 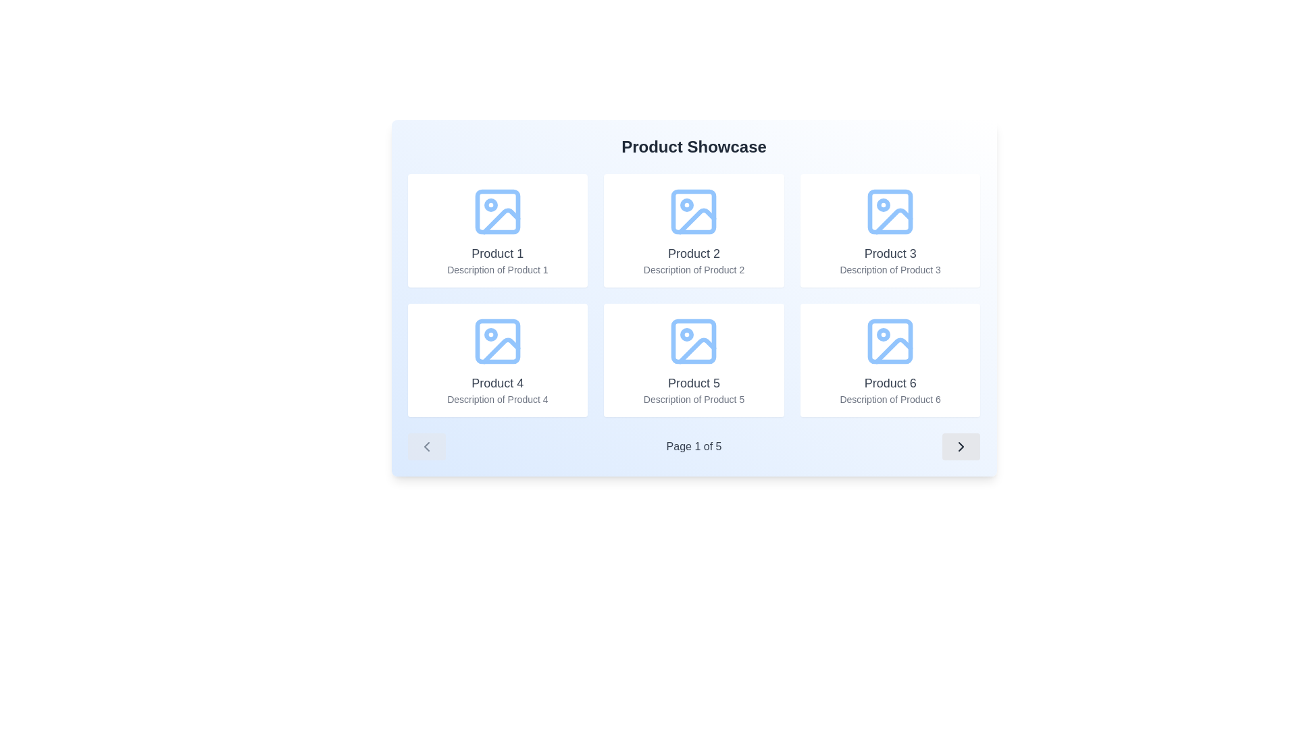 What do you see at coordinates (890, 211) in the screenshot?
I see `the small, rounded rectangle element that is part of the image icon for 'Product 3' in the third position of the top row of the product grid under 'Product Showcase'` at bounding box center [890, 211].